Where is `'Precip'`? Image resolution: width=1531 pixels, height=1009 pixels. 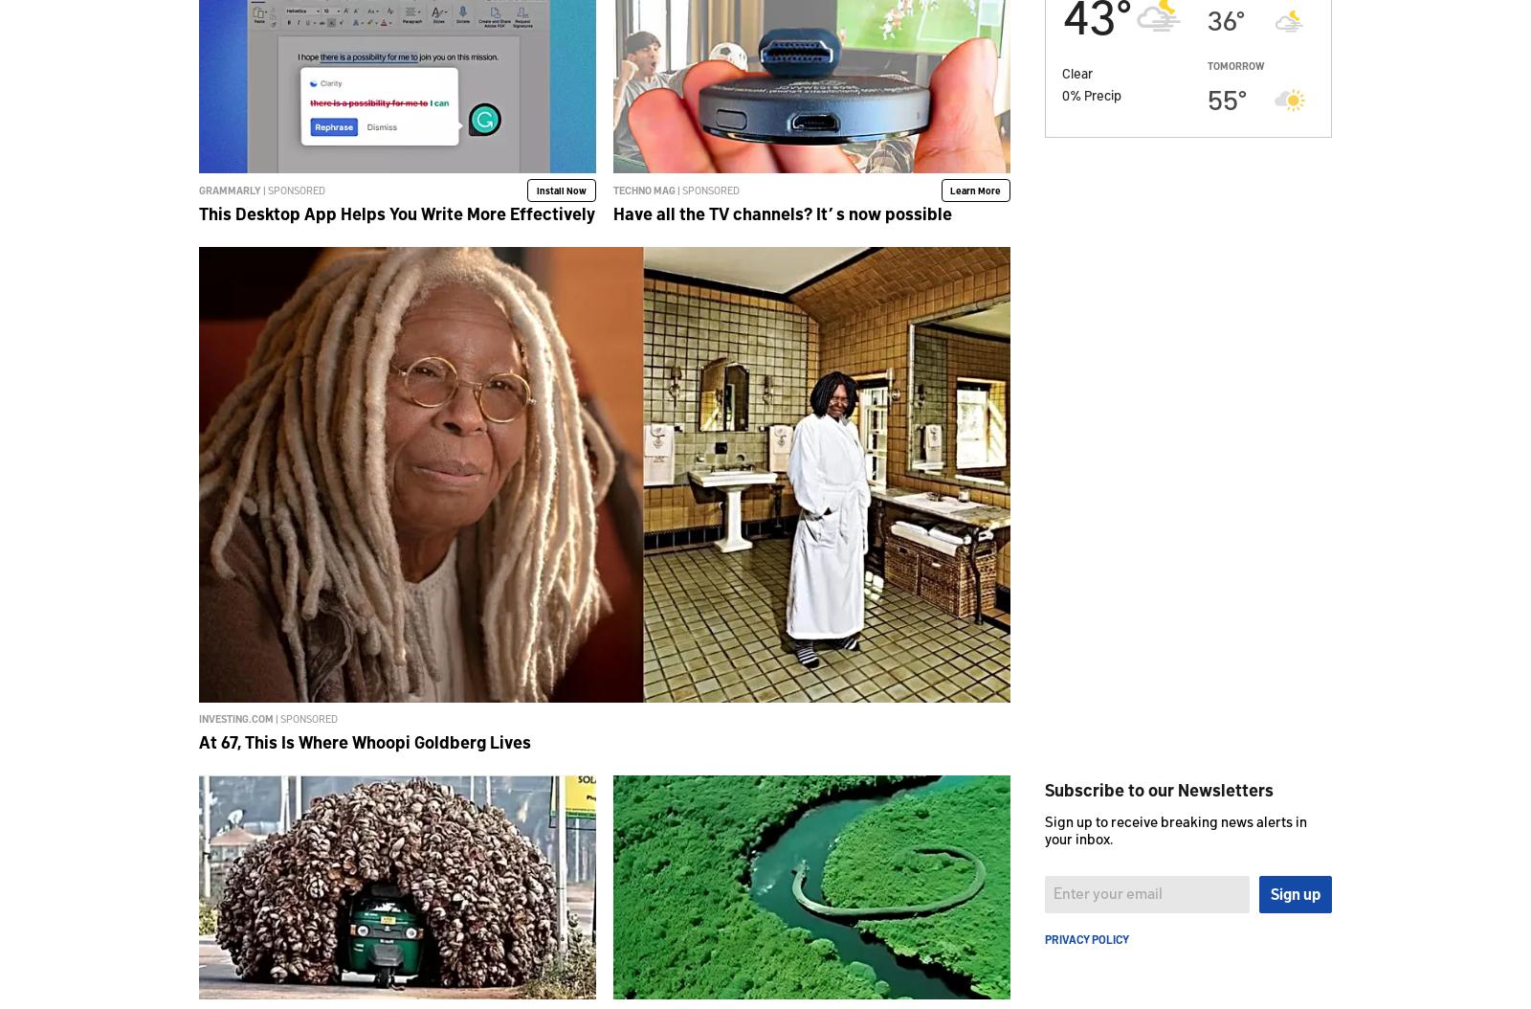
'Precip' is located at coordinates (1102, 93).